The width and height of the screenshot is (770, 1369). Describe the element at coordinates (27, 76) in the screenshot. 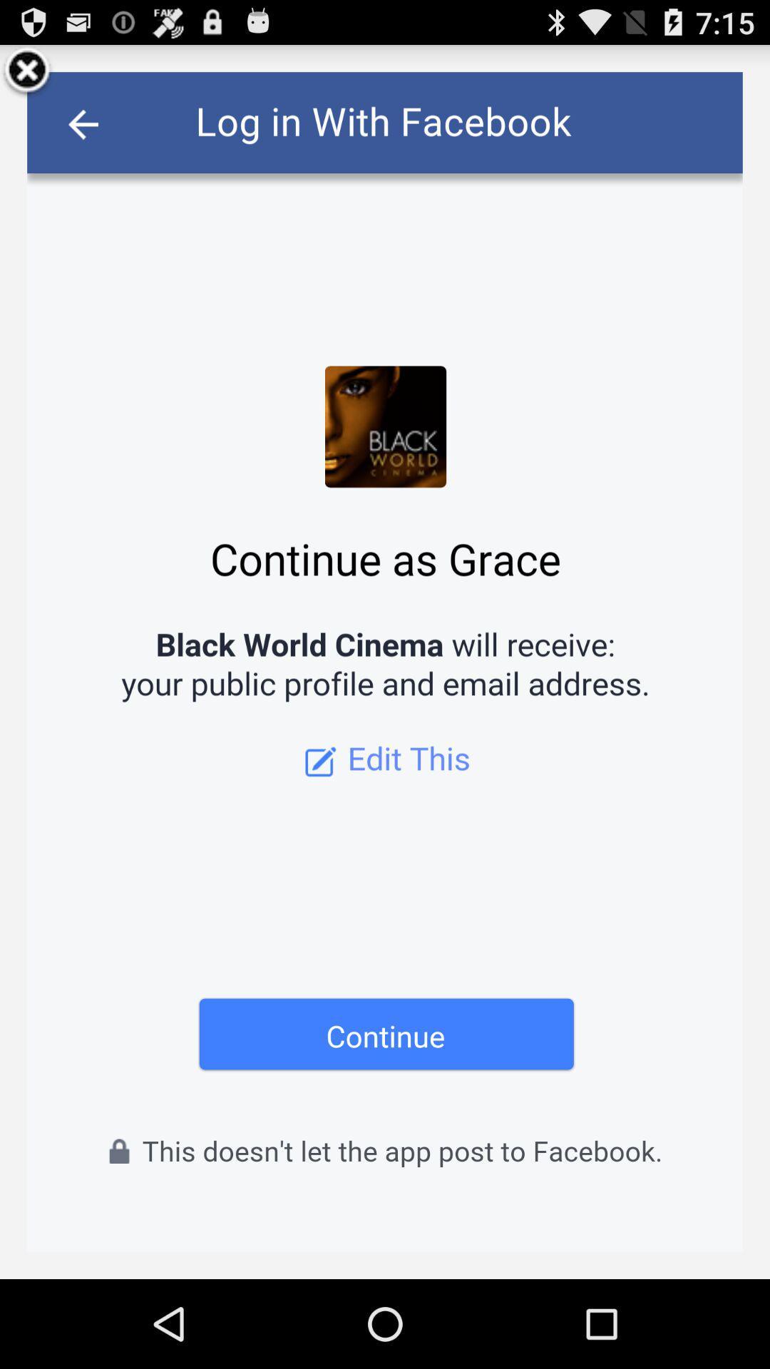

I see `the close icon` at that location.